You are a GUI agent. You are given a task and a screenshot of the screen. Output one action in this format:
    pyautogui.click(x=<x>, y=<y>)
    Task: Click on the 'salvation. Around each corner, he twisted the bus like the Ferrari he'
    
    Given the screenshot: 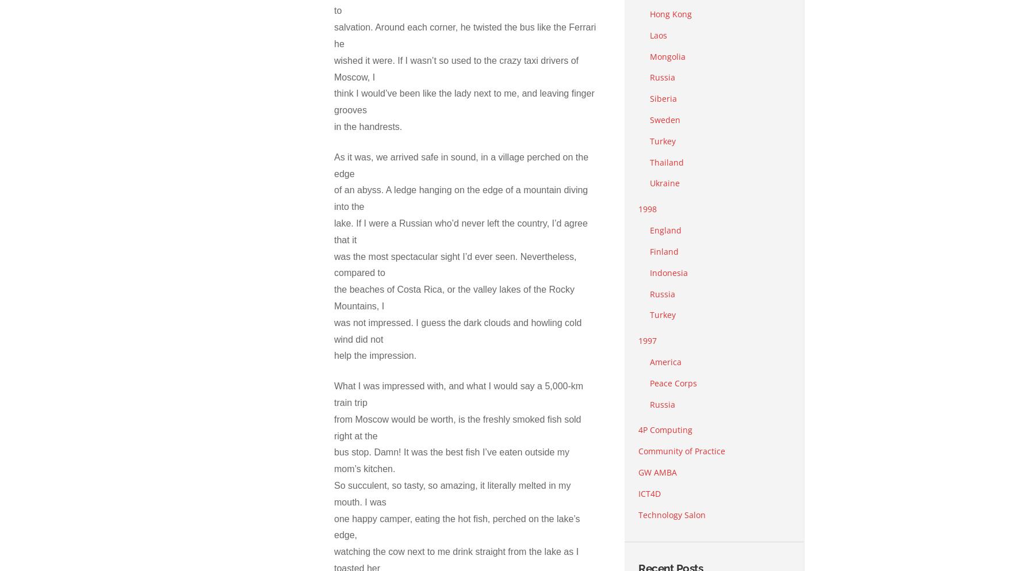 What is the action you would take?
    pyautogui.click(x=465, y=35)
    